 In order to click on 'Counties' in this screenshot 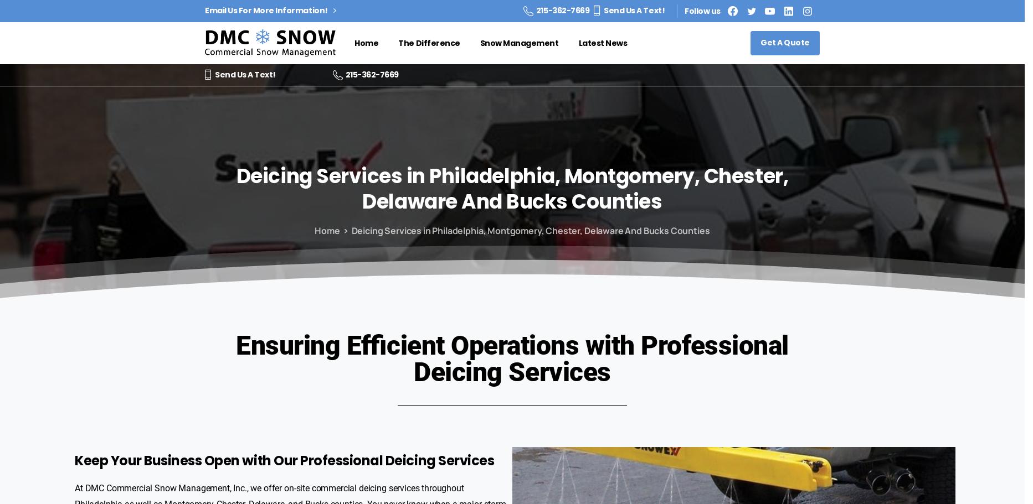, I will do `click(616, 201)`.